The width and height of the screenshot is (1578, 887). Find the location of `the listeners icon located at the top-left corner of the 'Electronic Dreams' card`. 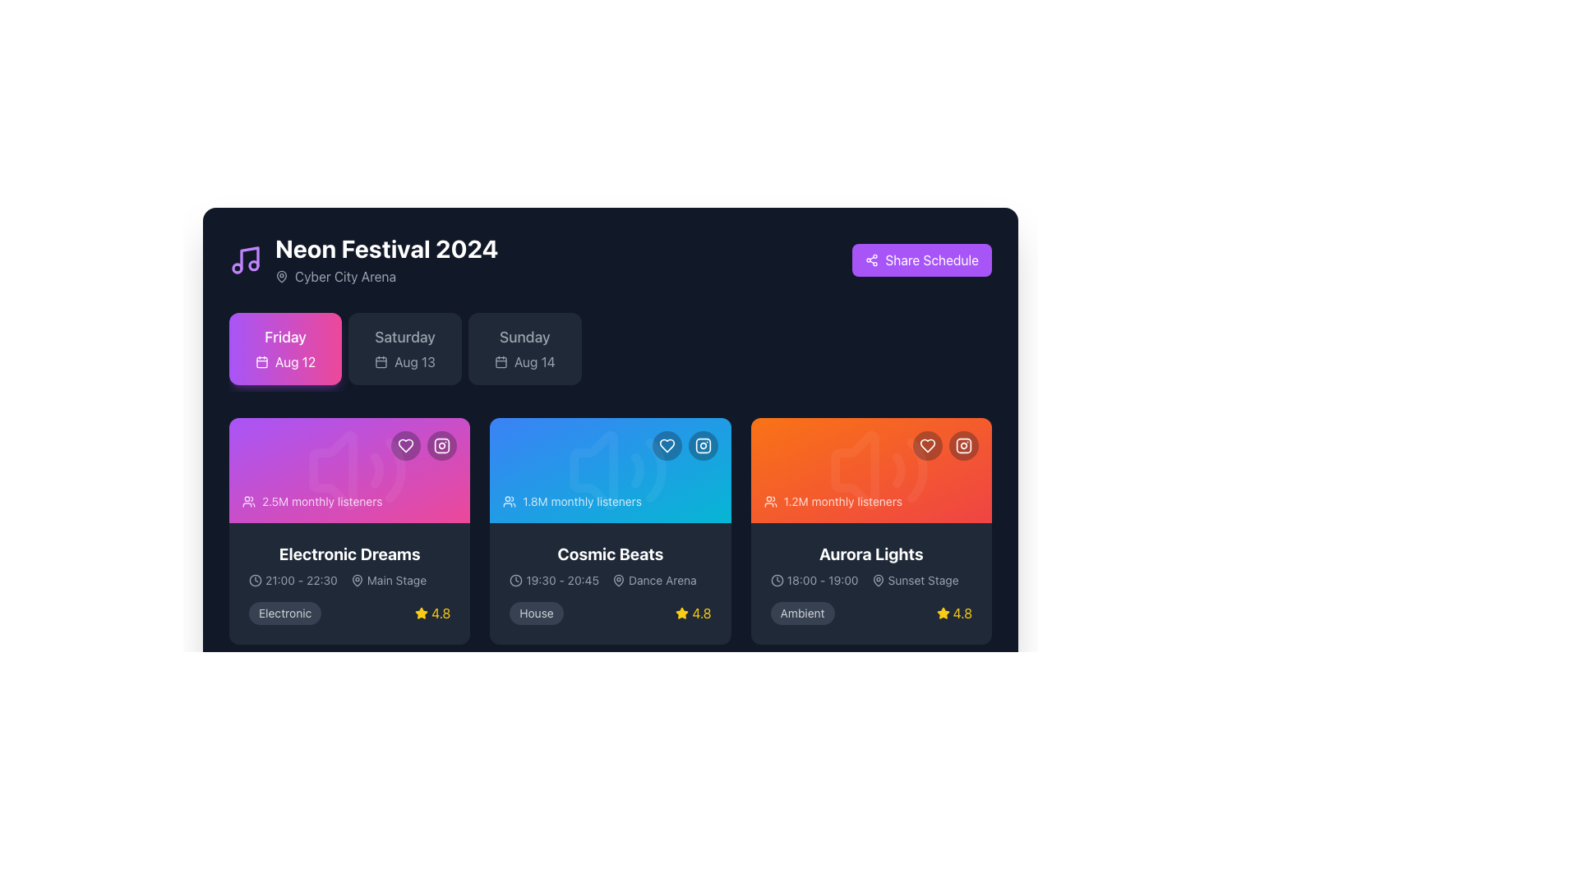

the listeners icon located at the top-left corner of the 'Electronic Dreams' card is located at coordinates (247, 500).